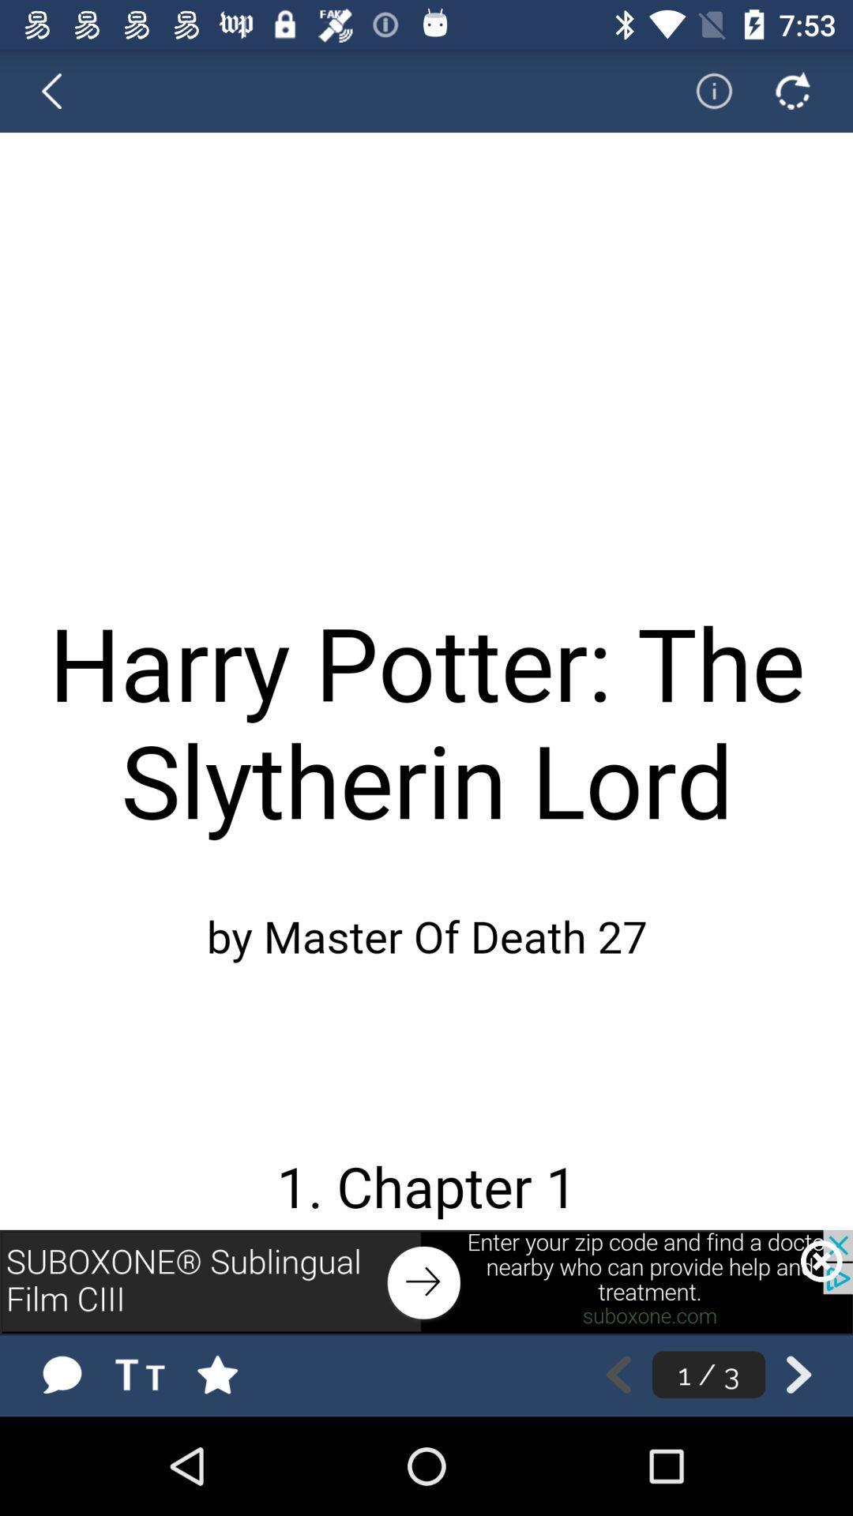 Image resolution: width=853 pixels, height=1516 pixels. Describe the element at coordinates (792, 90) in the screenshot. I see `refresh` at that location.